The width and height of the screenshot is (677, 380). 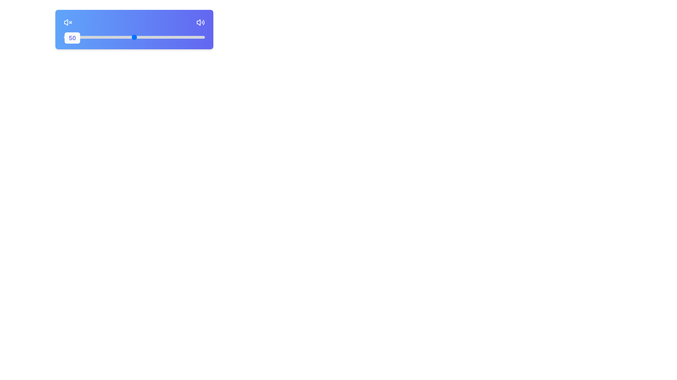 I want to click on the slider, so click(x=116, y=37).